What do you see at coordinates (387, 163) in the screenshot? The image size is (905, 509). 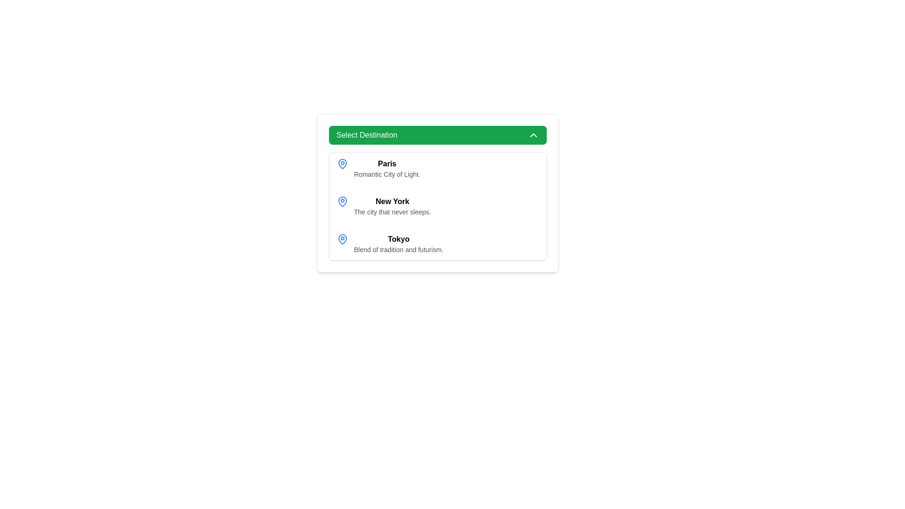 I see `the text label reading 'Paris'` at bounding box center [387, 163].